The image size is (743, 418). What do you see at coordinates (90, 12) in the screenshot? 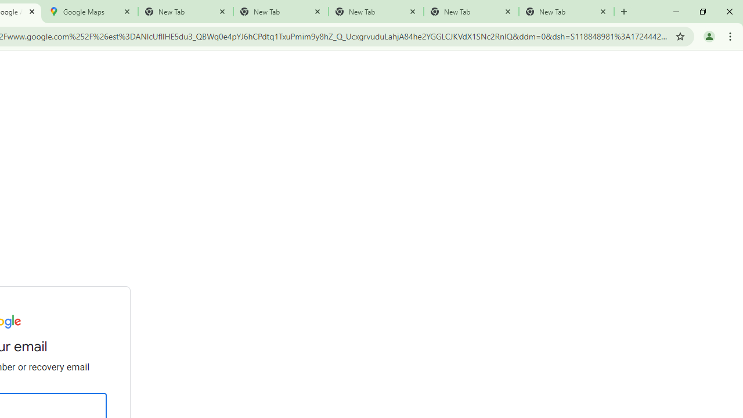
I see `'Google Maps'` at bounding box center [90, 12].